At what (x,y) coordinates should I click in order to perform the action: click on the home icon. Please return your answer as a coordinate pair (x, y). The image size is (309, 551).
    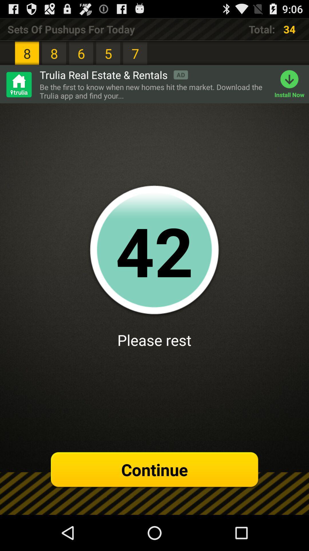
    Looking at the image, I should click on (18, 90).